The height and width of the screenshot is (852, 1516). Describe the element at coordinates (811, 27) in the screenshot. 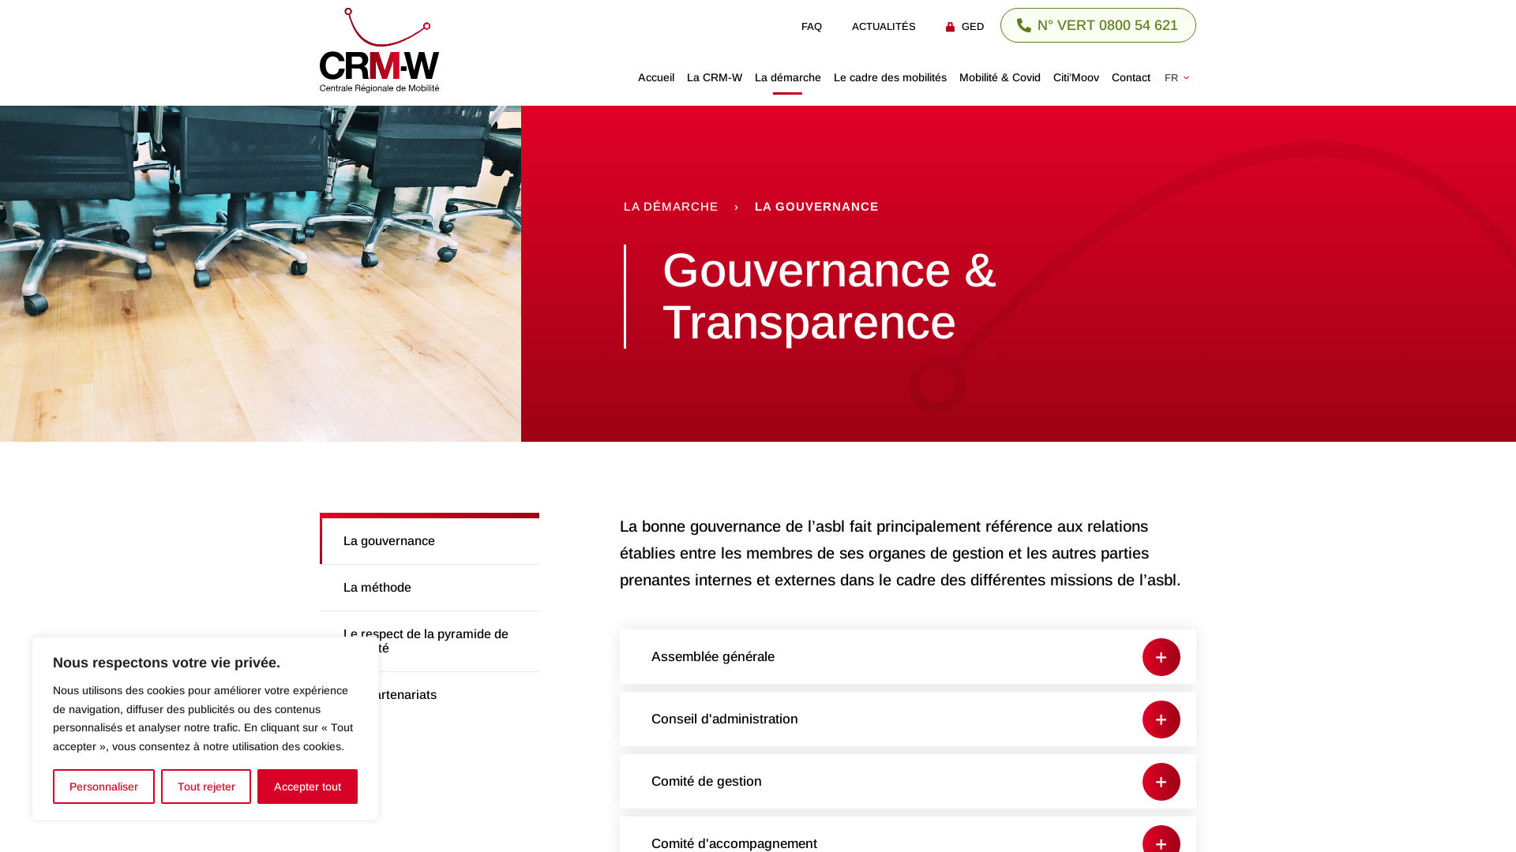

I see `'FAQ'` at that location.